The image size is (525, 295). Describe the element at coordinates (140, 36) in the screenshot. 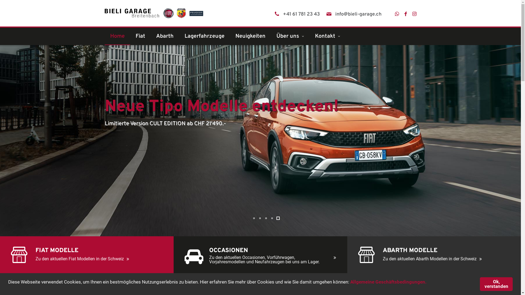

I see `'Fiat'` at that location.